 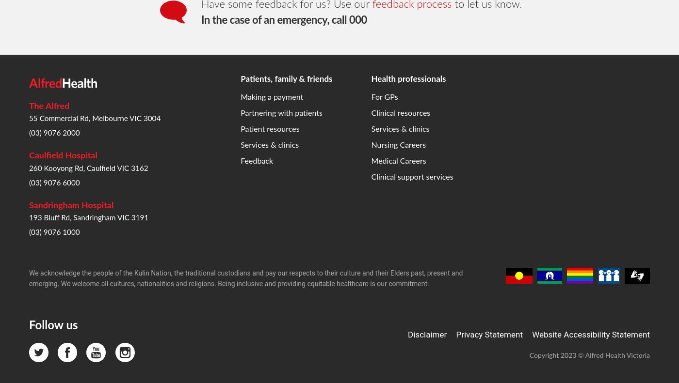 What do you see at coordinates (71, 49) in the screenshot?
I see `'Sandringham Hospital'` at bounding box center [71, 49].